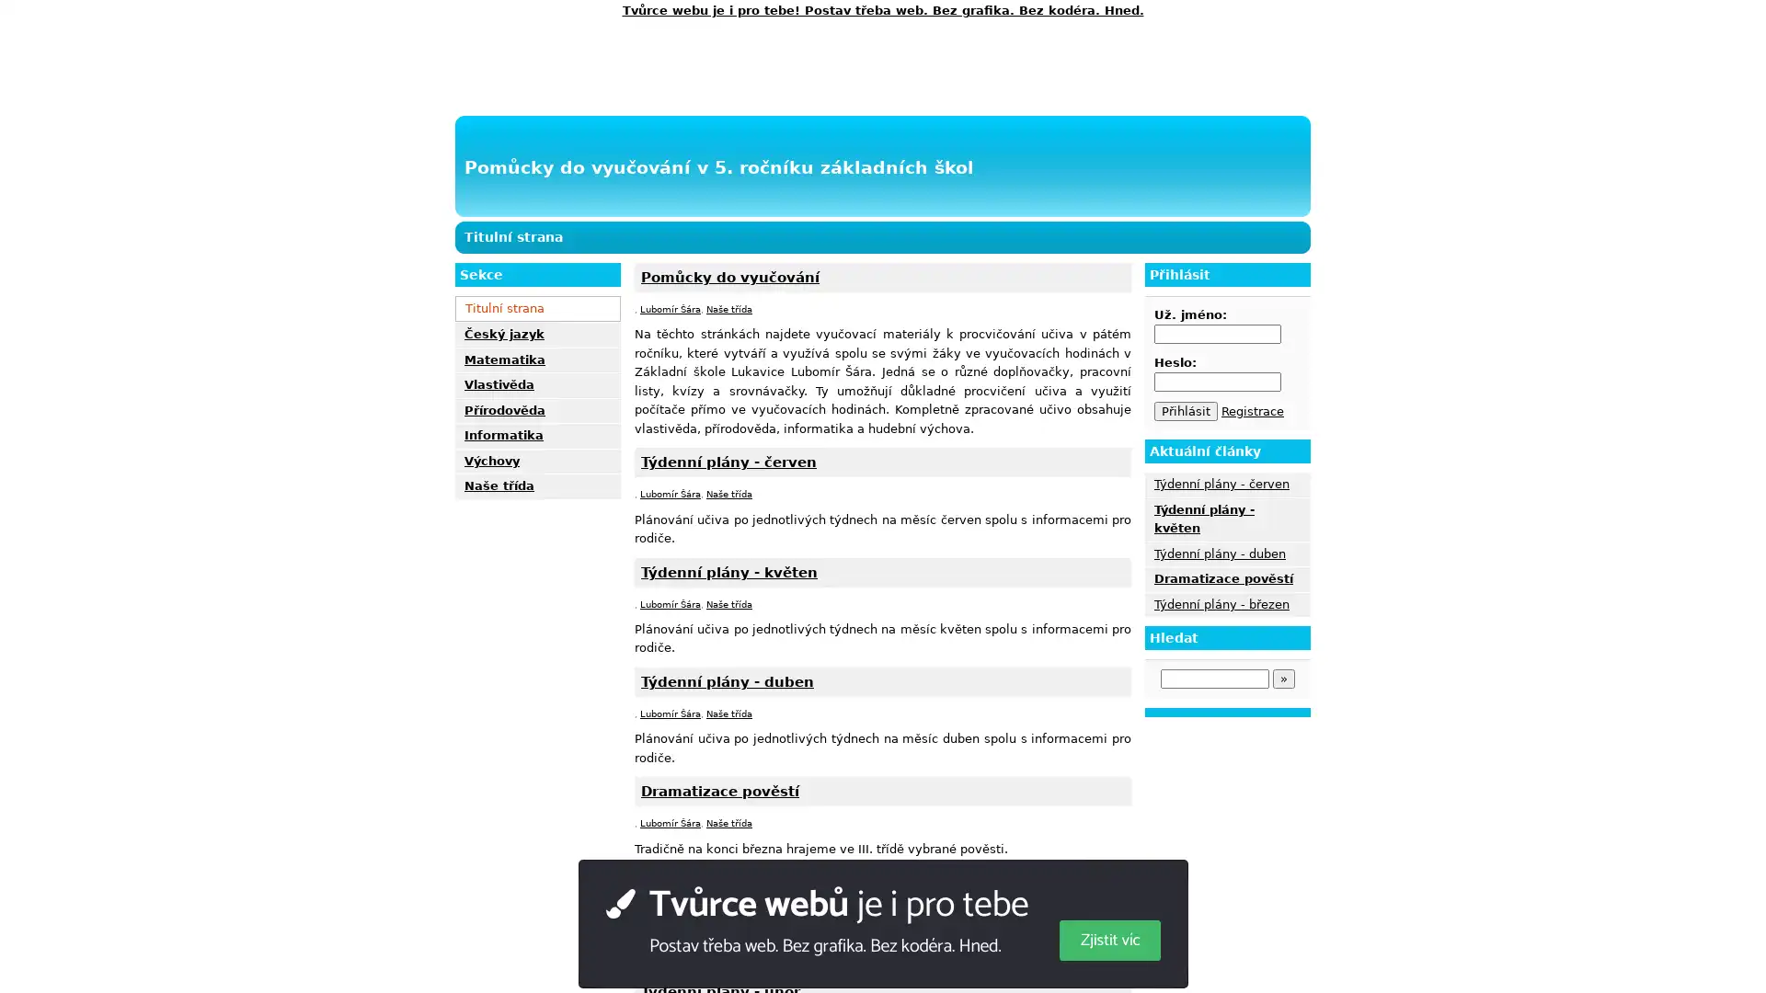 This screenshot has height=993, width=1766. Describe the element at coordinates (1186, 409) in the screenshot. I see `Prihlasit` at that location.